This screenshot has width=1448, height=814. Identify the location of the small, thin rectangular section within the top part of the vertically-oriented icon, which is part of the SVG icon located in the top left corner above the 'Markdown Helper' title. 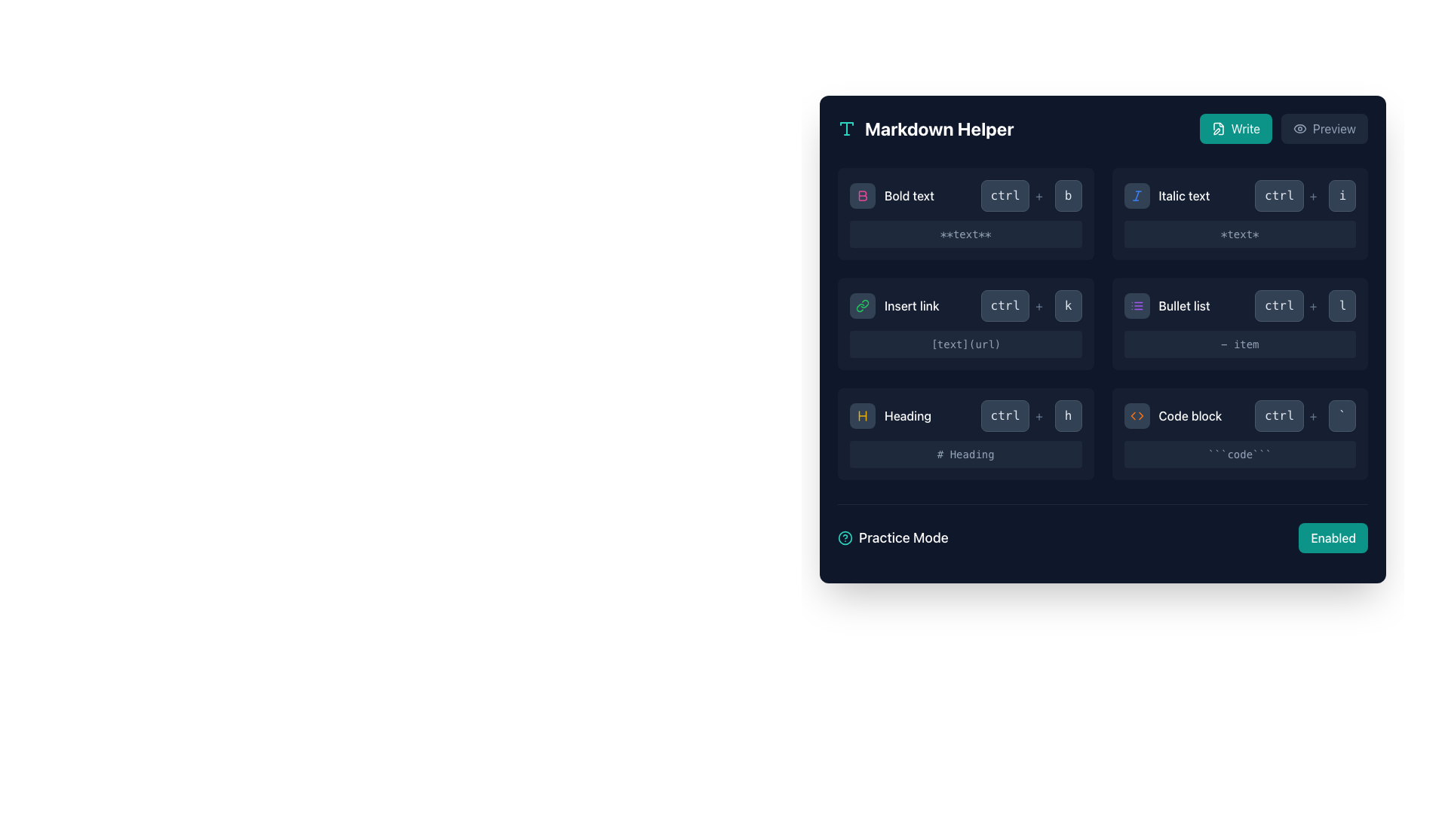
(847, 123).